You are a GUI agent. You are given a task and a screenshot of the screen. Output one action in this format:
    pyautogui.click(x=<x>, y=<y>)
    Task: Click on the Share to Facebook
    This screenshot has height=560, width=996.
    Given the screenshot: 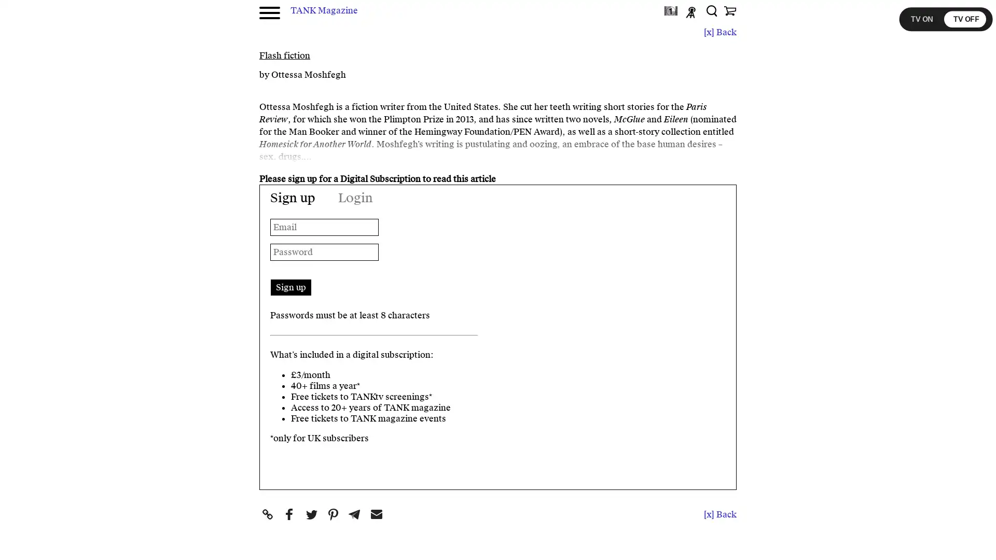 What is the action you would take?
    pyautogui.click(x=291, y=514)
    